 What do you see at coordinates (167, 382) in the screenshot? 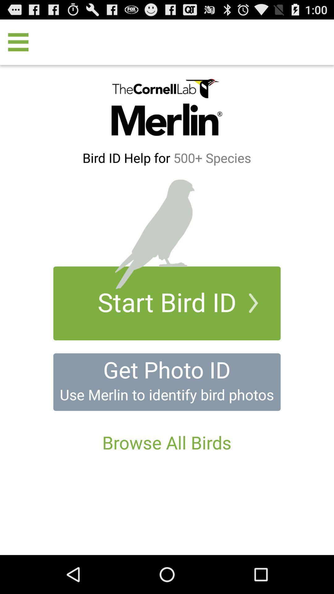
I see `get photo id` at bounding box center [167, 382].